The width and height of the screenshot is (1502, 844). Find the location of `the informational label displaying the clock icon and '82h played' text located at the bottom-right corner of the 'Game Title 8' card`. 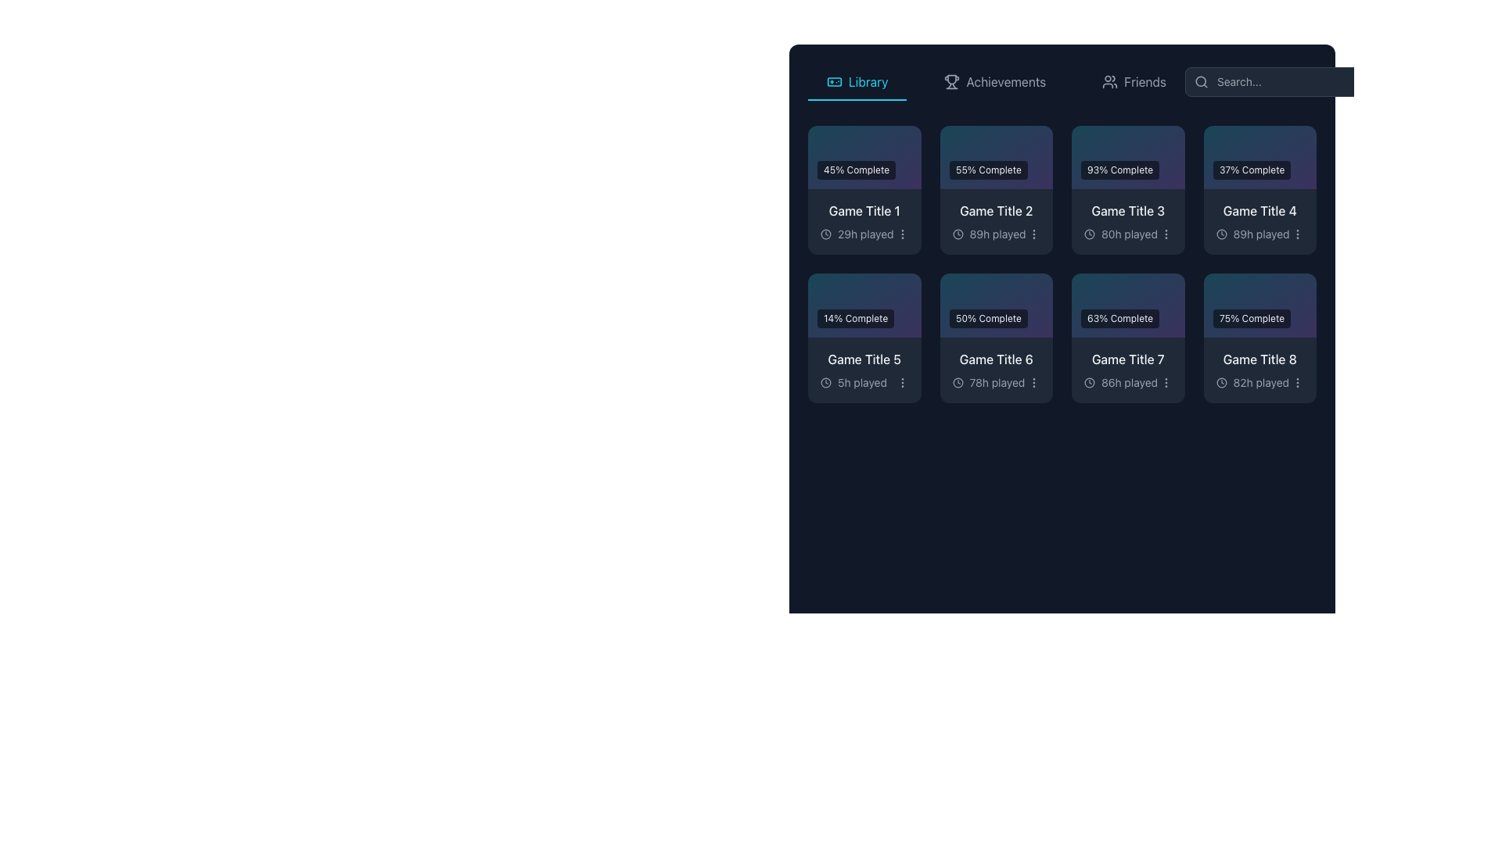

the informational label displaying the clock icon and '82h played' text located at the bottom-right corner of the 'Game Title 8' card is located at coordinates (1252, 382).